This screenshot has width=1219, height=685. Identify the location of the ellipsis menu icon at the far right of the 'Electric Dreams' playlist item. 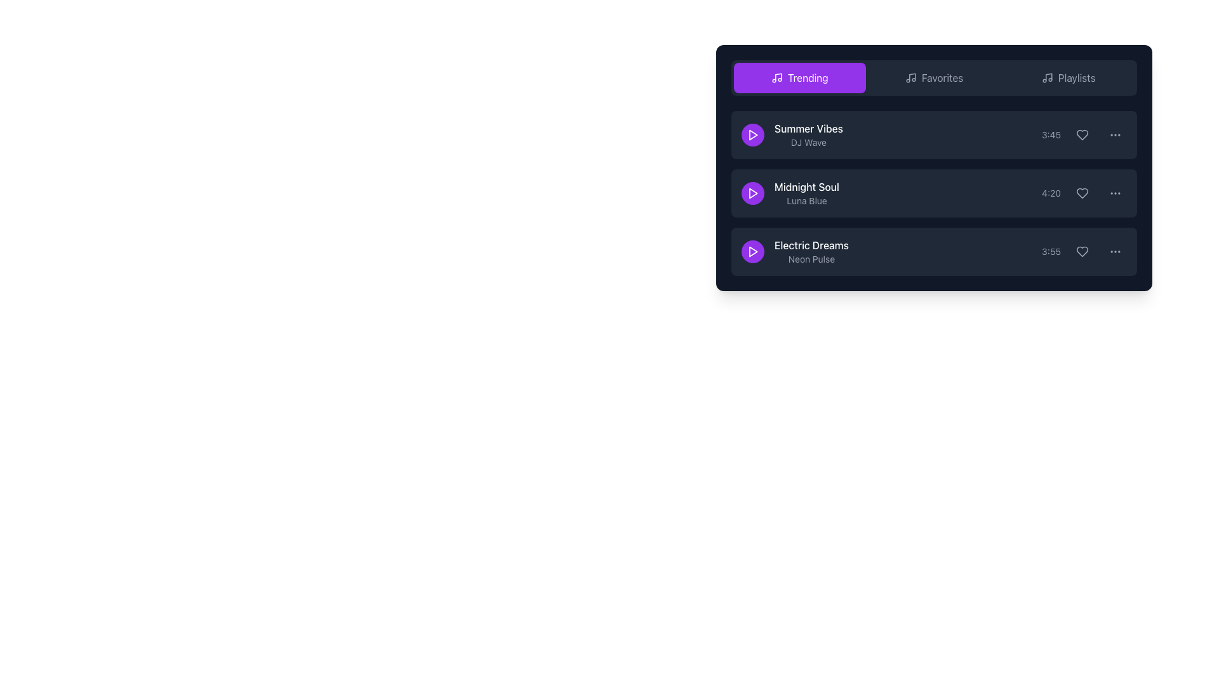
(1114, 252).